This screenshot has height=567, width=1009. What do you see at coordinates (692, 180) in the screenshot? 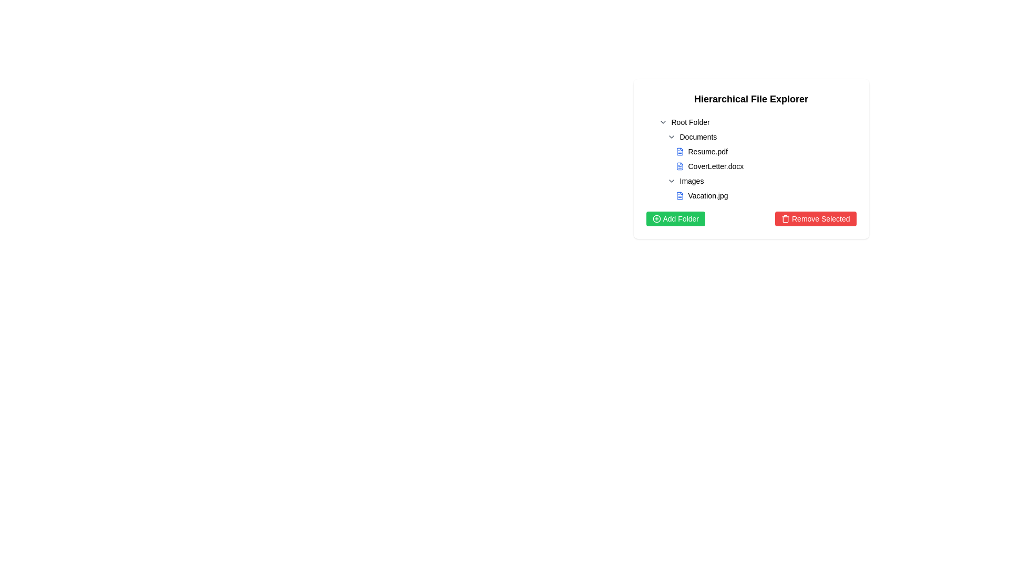
I see `the text label displaying 'Images', which is located under the header 'Documents' in the 'Root Folder' section of the file explorer interface` at bounding box center [692, 180].